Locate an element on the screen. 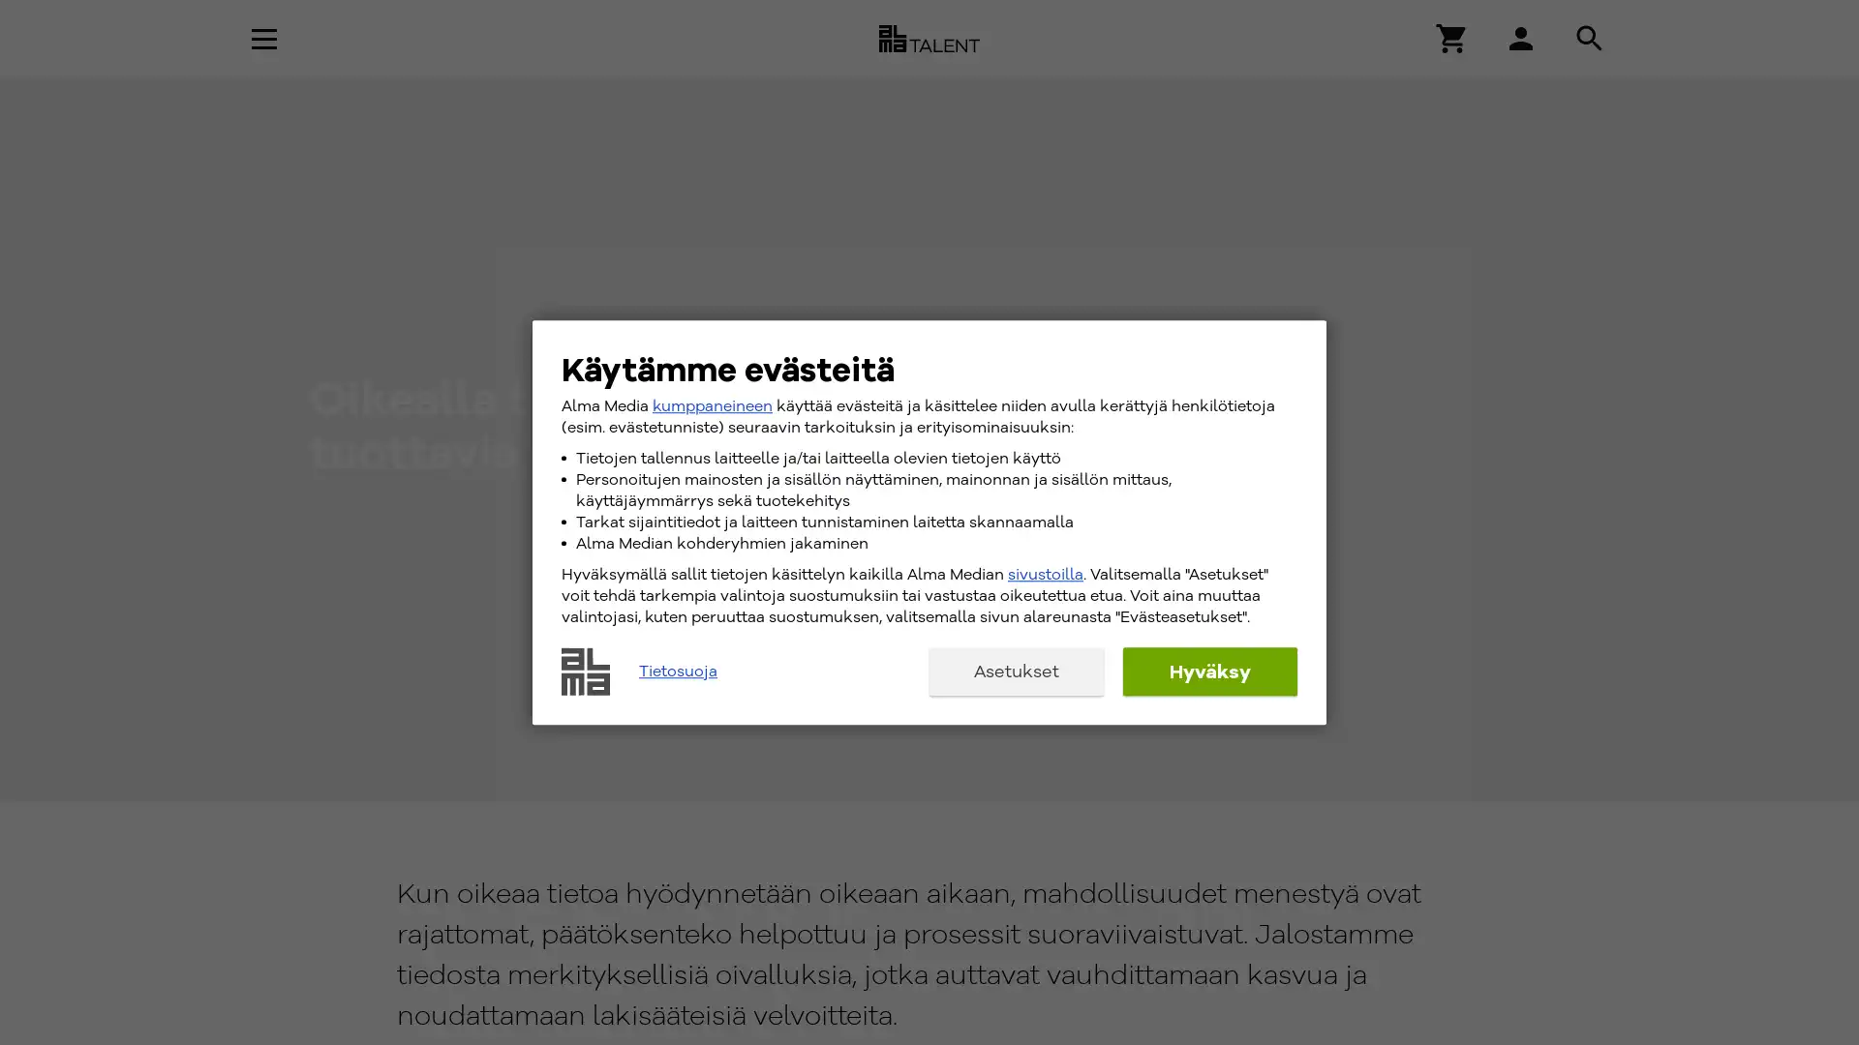  Asetukset is located at coordinates (1016, 670).